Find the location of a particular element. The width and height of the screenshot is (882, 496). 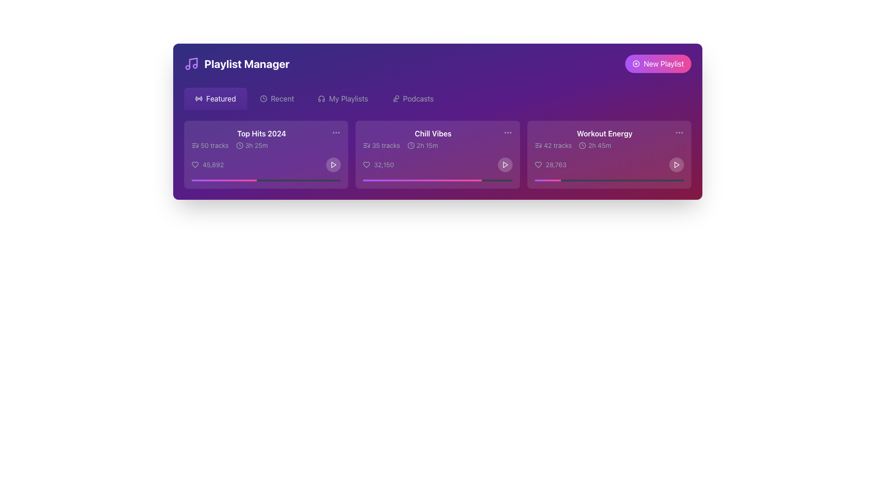

the 'Workout Energy' text label, which is displayed in bold white font at the top of the rightmost card in a series of cards, styled with a purple gradient background is located at coordinates (605, 133).